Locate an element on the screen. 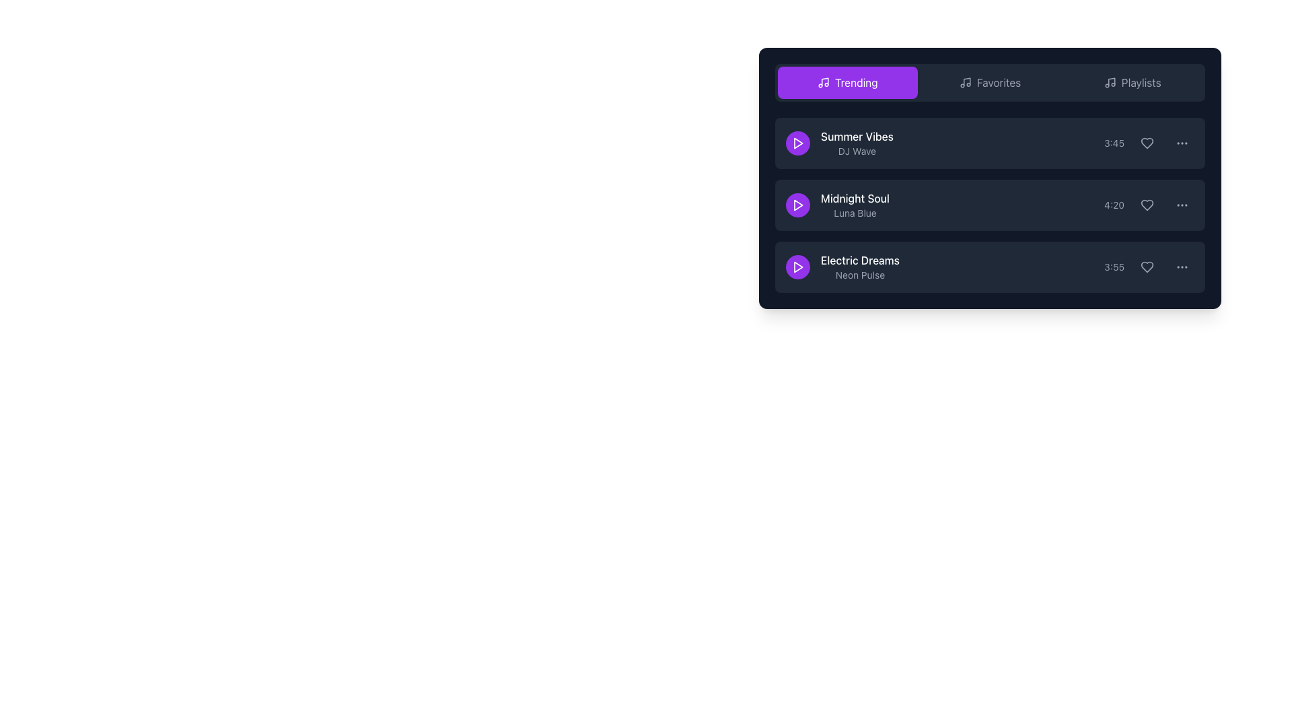  the heart-shaped icon styled as a hollow outline in the 'Midnight Soul' row is located at coordinates (1146, 205).